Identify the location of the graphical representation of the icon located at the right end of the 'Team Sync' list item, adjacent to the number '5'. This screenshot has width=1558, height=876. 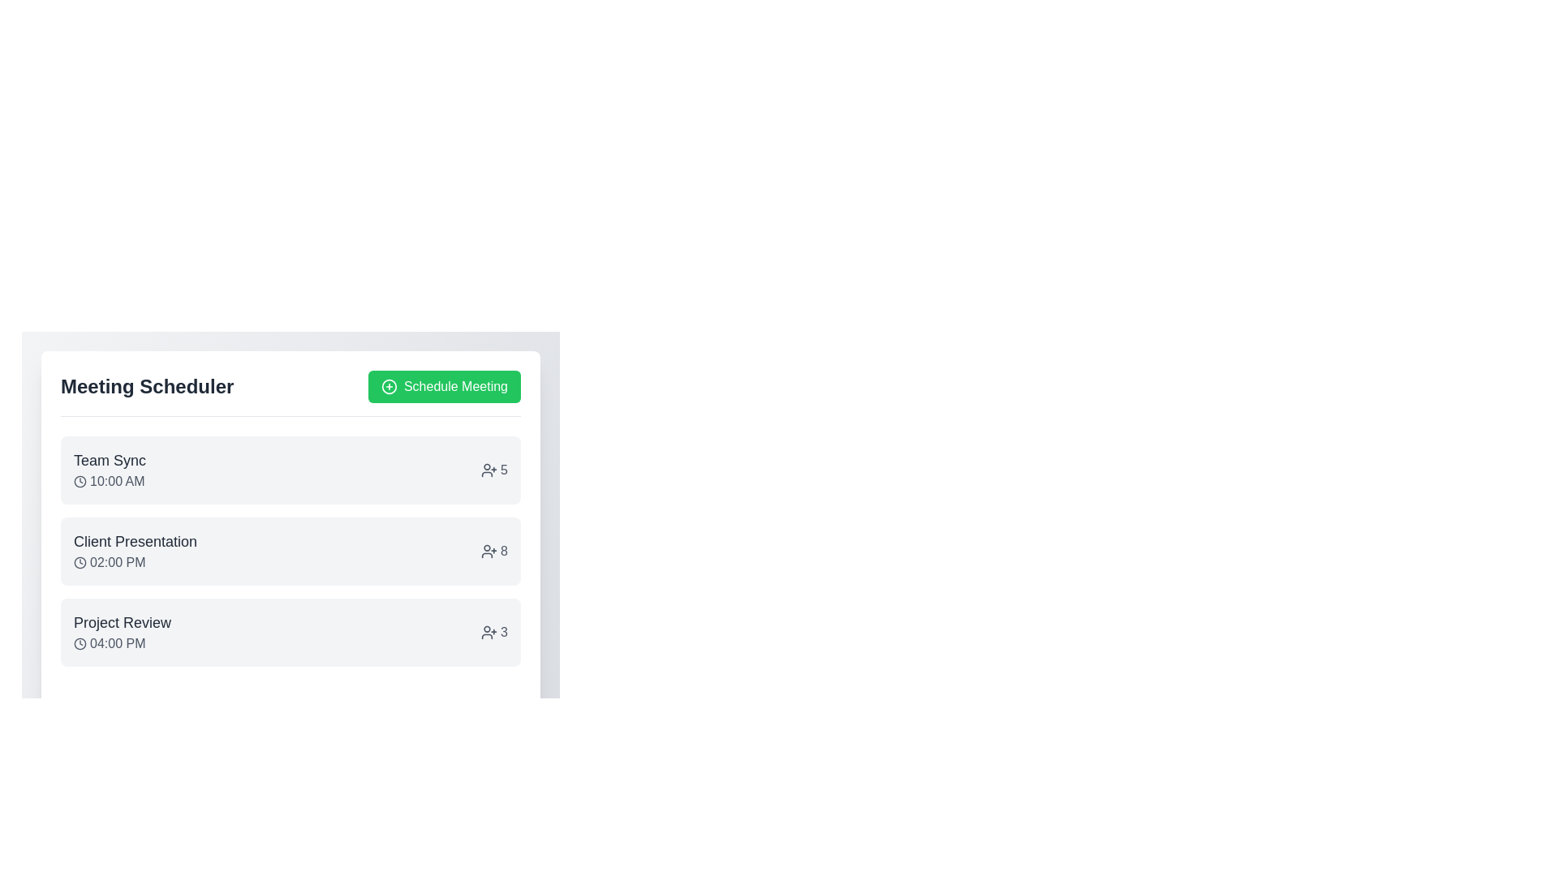
(488, 470).